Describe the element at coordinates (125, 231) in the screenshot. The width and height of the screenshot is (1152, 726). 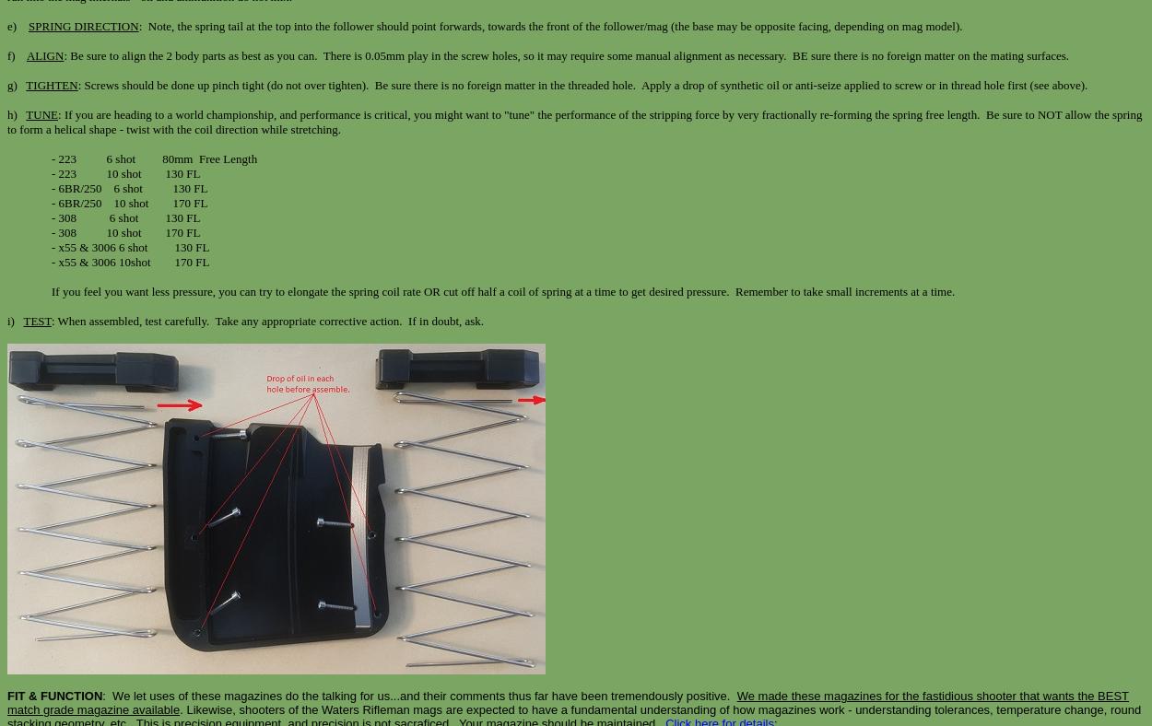
I see `'- 308          10 shot        170 FL'` at that location.